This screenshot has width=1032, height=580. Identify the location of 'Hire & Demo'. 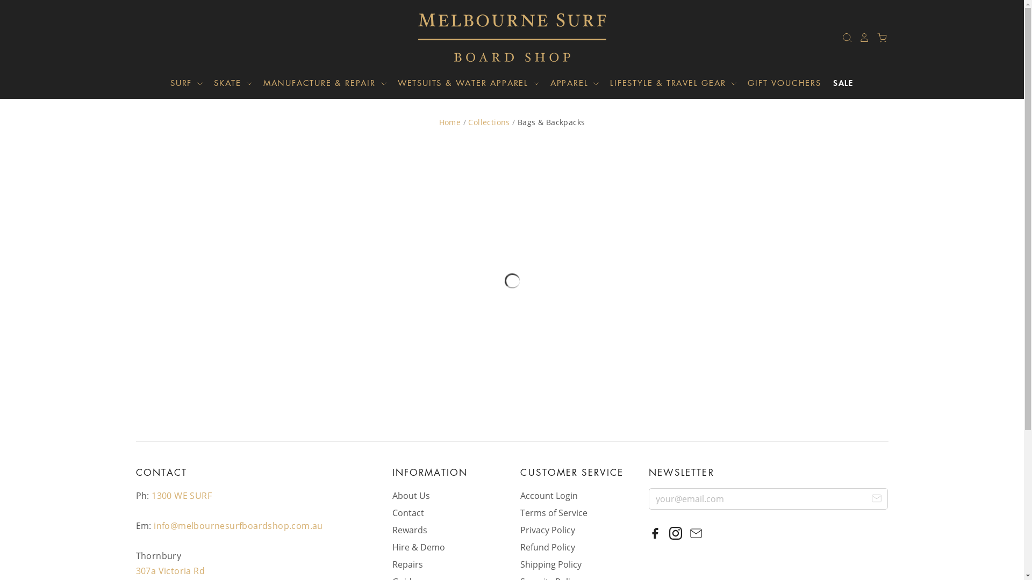
(418, 547).